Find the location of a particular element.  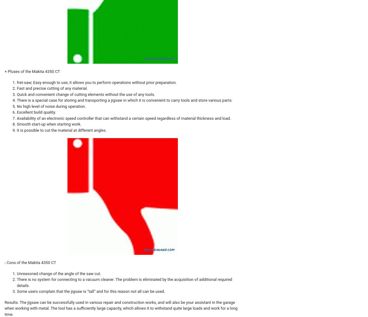

'Results. The jigsaw can be successfully used in various repair and construction works, and will also be your assistant in the garage when working with metal. The tool has a sufficiently large capacity, which allows it to withstand quite large loads and work for a long time.' is located at coordinates (5, 308).